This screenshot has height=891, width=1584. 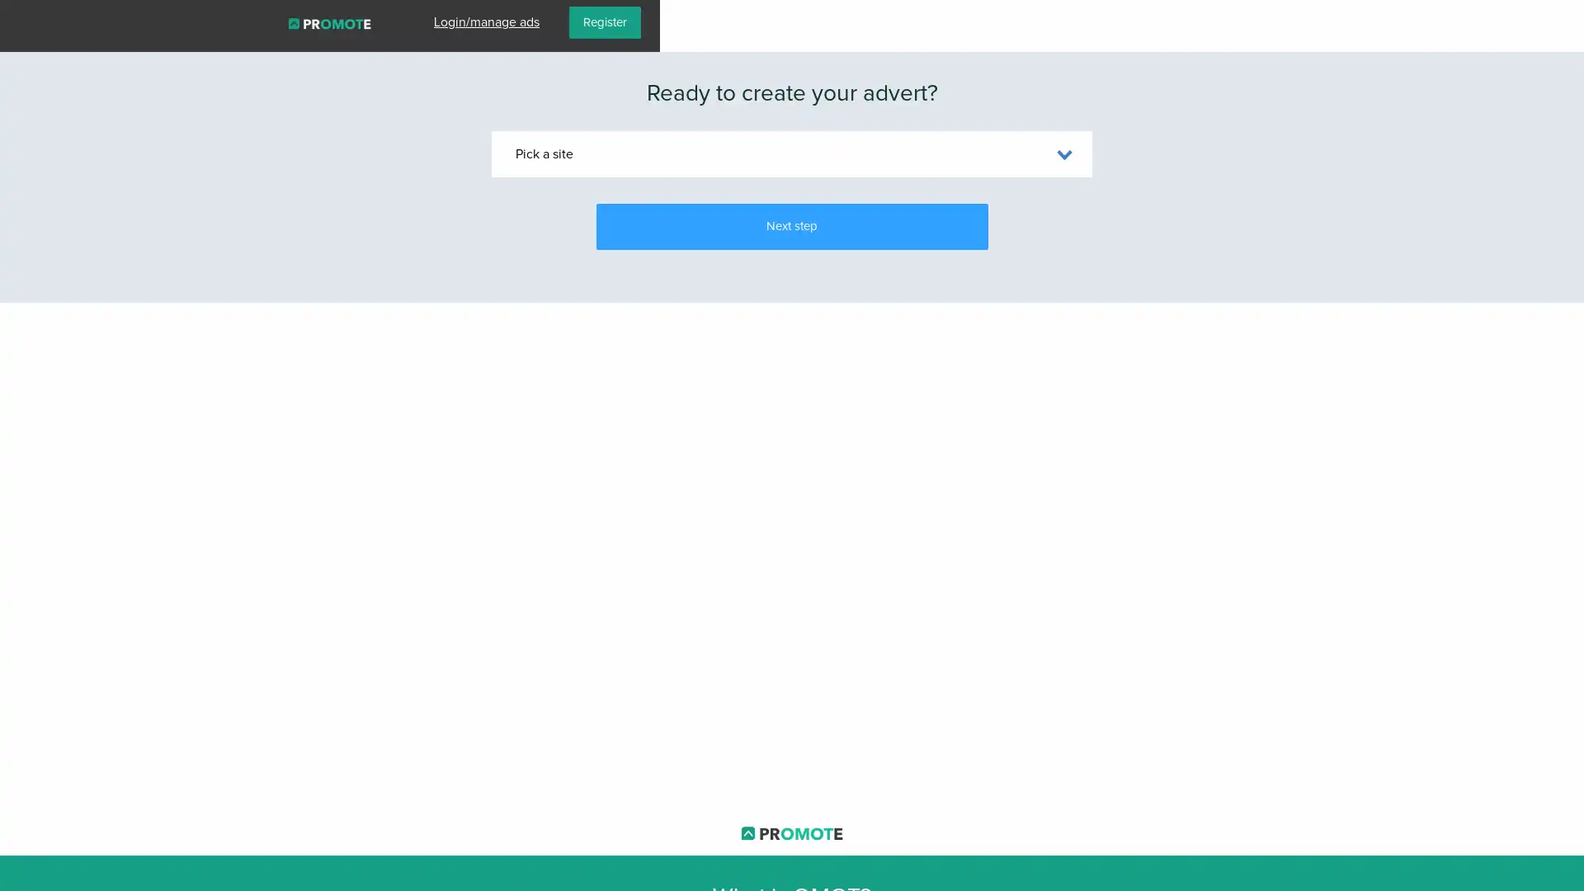 I want to click on Next step, so click(x=790, y=225).